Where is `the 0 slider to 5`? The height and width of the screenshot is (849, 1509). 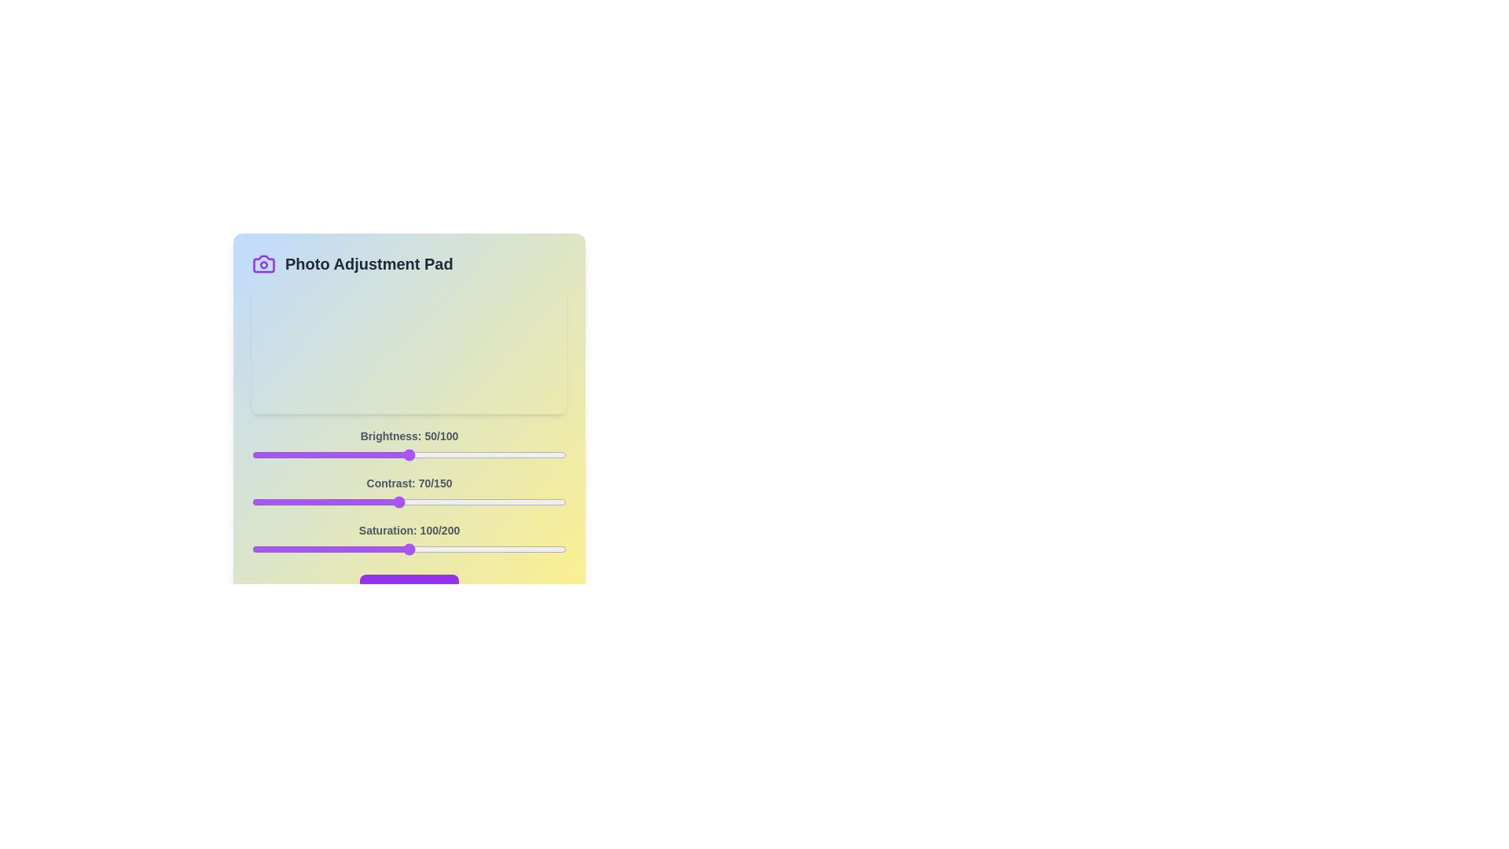
the 0 slider to 5 is located at coordinates (267, 454).